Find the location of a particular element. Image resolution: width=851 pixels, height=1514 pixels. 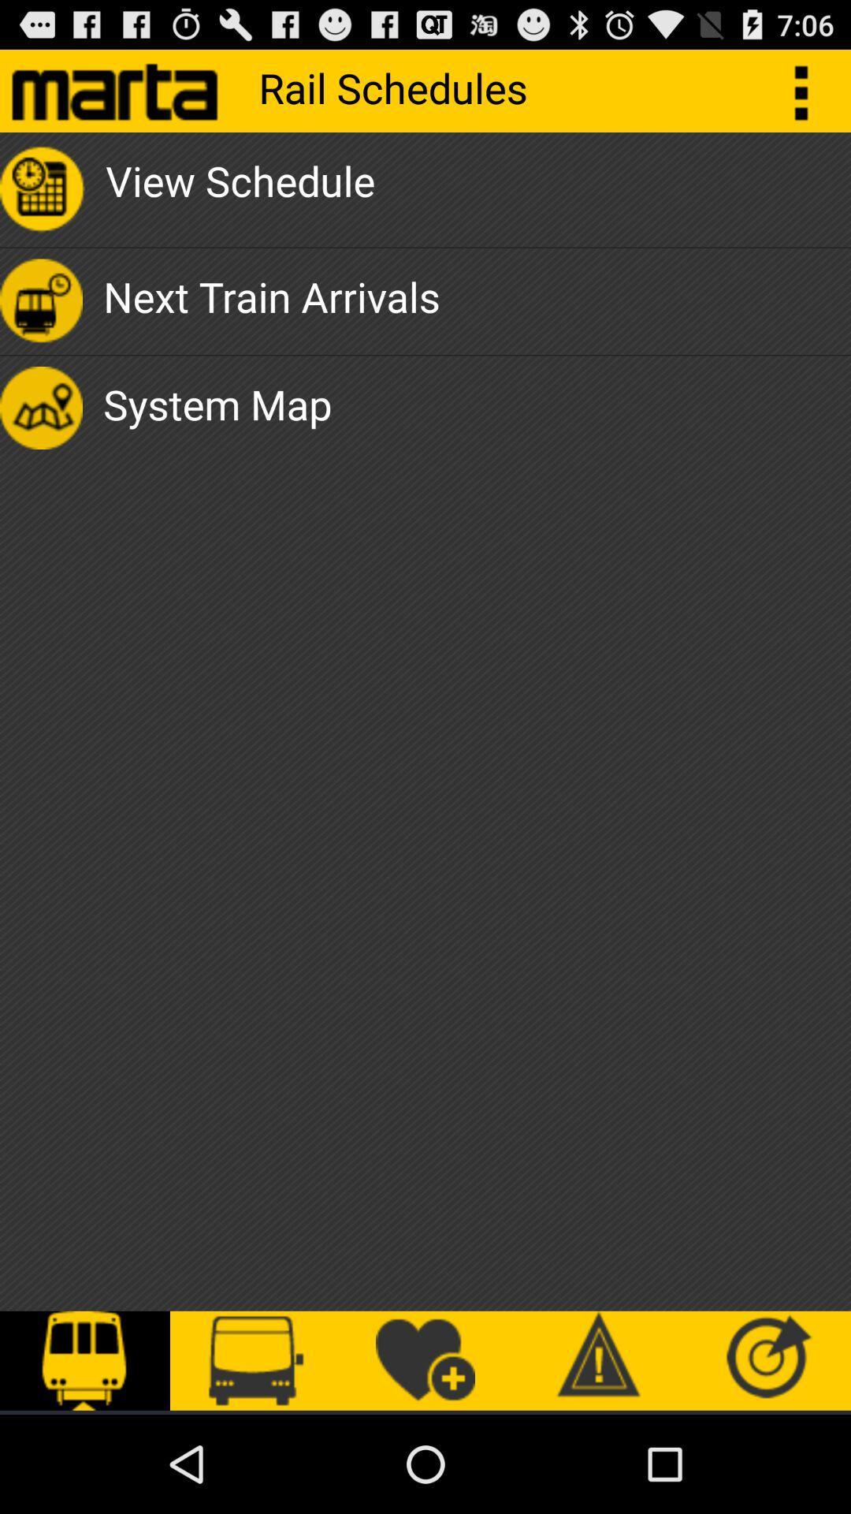

the next train arrivals app is located at coordinates (270, 301).